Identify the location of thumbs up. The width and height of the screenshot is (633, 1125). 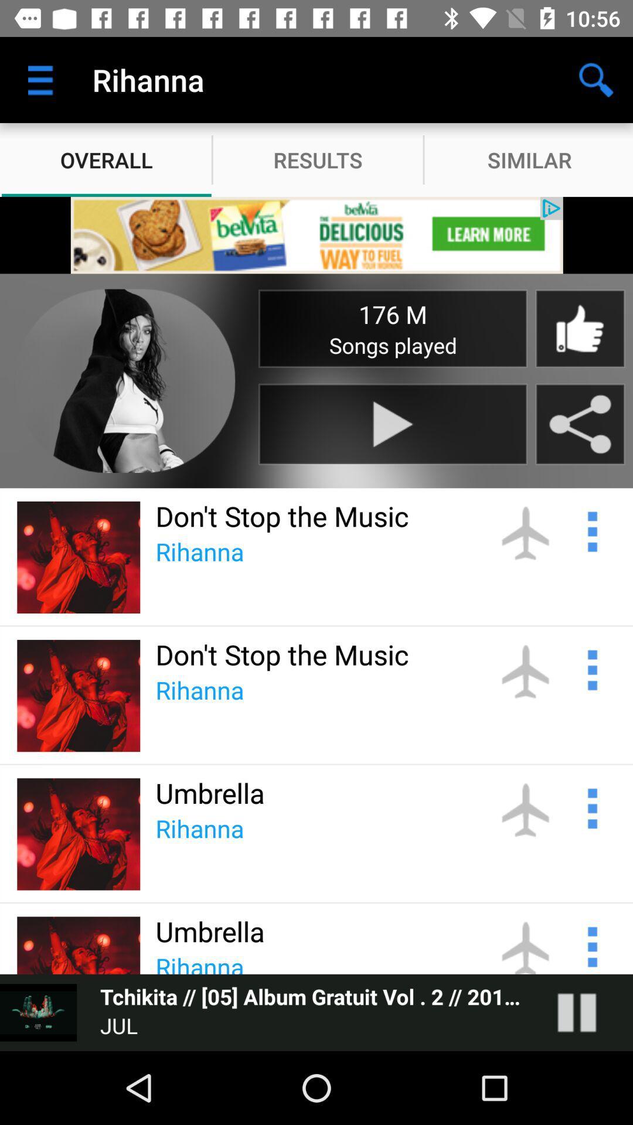
(579, 328).